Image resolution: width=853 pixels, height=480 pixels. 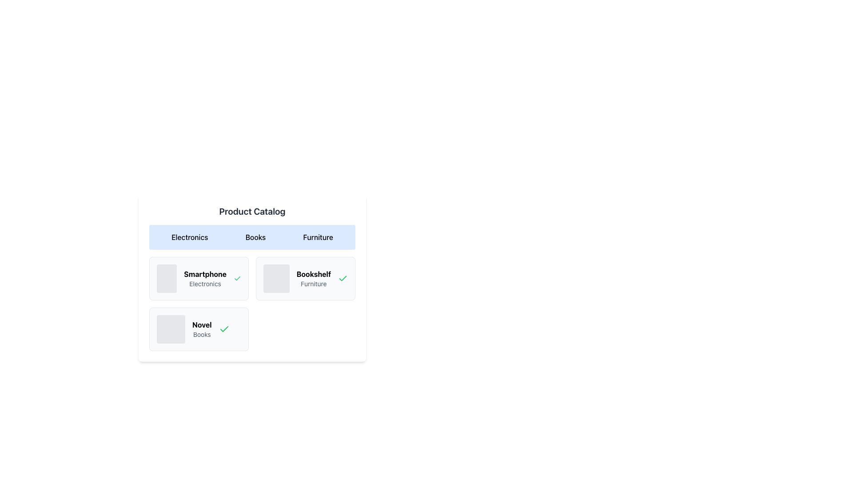 I want to click on the Text Display element that shows 'Smartphone' in bold, which is located in the top-left item of the product listing grid under the 'Electronics' tab, so click(x=205, y=278).